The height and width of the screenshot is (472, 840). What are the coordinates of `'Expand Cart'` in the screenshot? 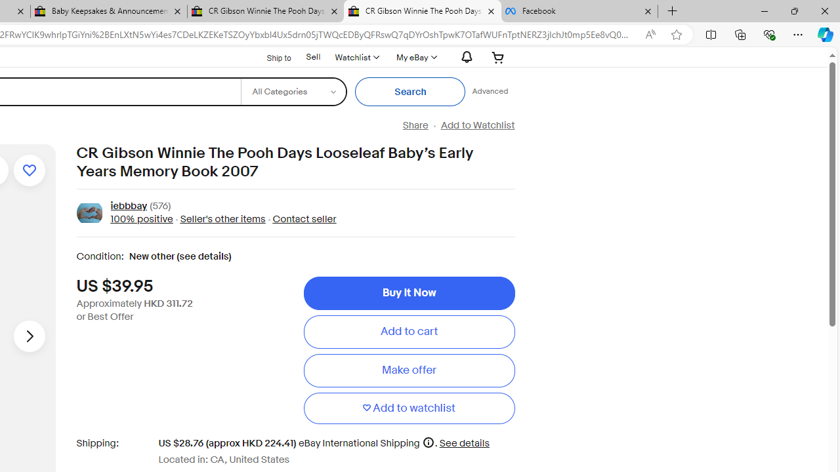 It's located at (497, 56).